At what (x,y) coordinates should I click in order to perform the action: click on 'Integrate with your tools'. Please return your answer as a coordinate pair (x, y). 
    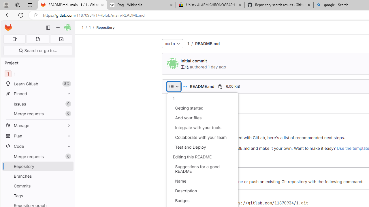
    Looking at the image, I should click on (202, 127).